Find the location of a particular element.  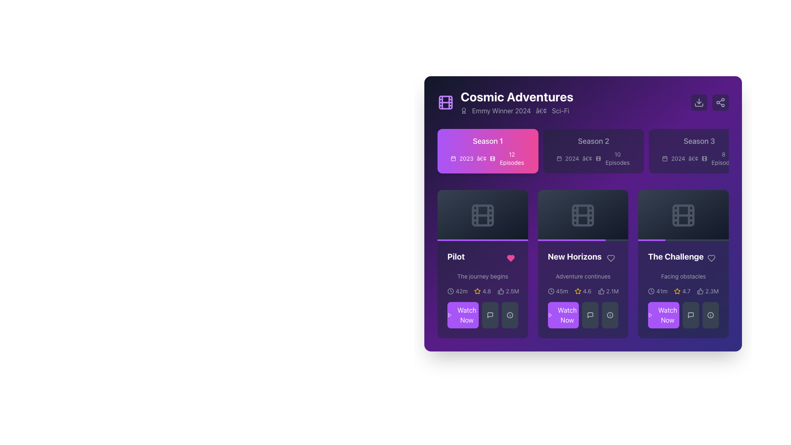

the icon that signifies the type of content in the rightmost card of the second row under the heading 'The Challenge' is located at coordinates (683, 215).